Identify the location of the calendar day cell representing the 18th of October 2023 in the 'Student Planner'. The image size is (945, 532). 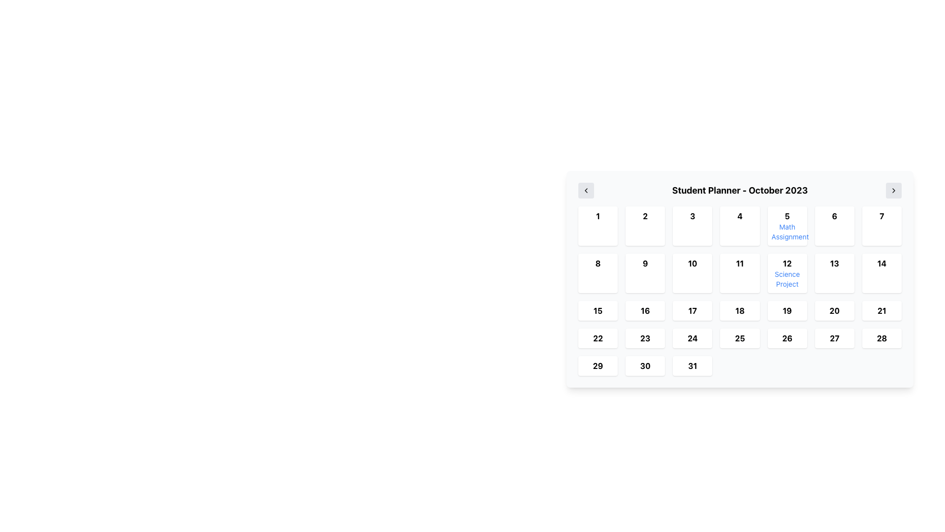
(740, 311).